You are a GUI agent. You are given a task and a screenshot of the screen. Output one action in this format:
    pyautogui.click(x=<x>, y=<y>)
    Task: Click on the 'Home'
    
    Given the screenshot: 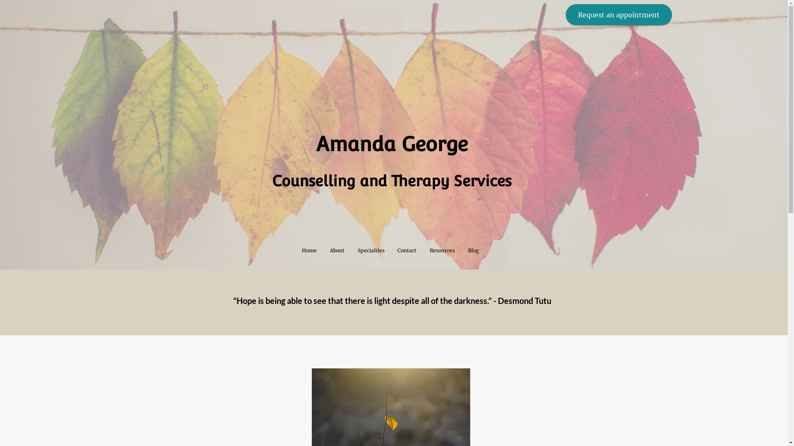 What is the action you would take?
    pyautogui.click(x=309, y=250)
    